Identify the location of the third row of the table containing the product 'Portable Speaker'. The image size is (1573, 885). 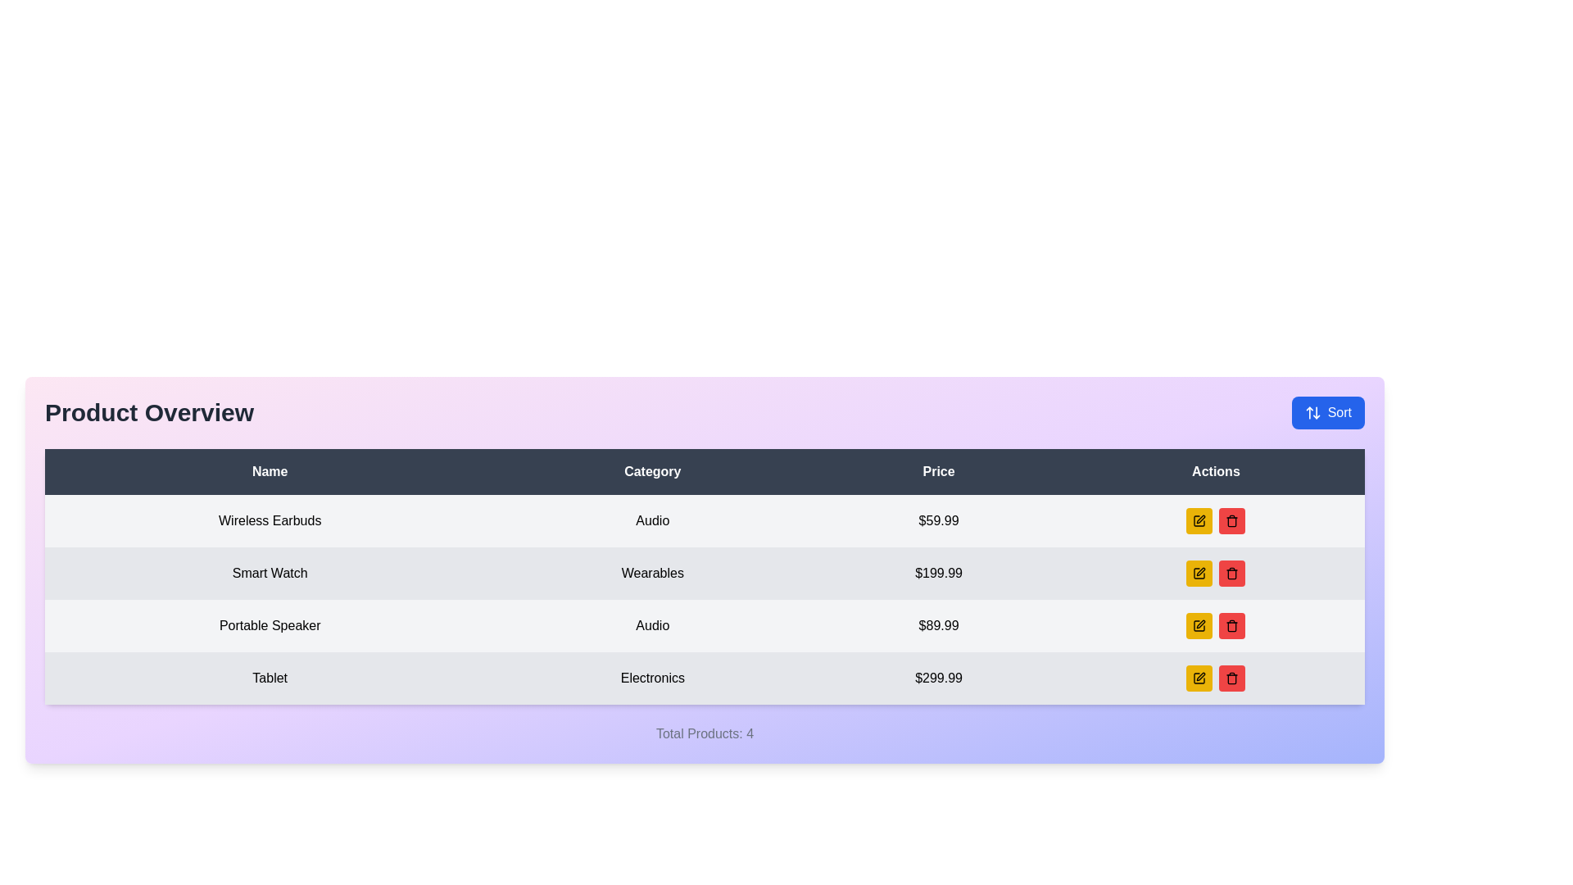
(705, 625).